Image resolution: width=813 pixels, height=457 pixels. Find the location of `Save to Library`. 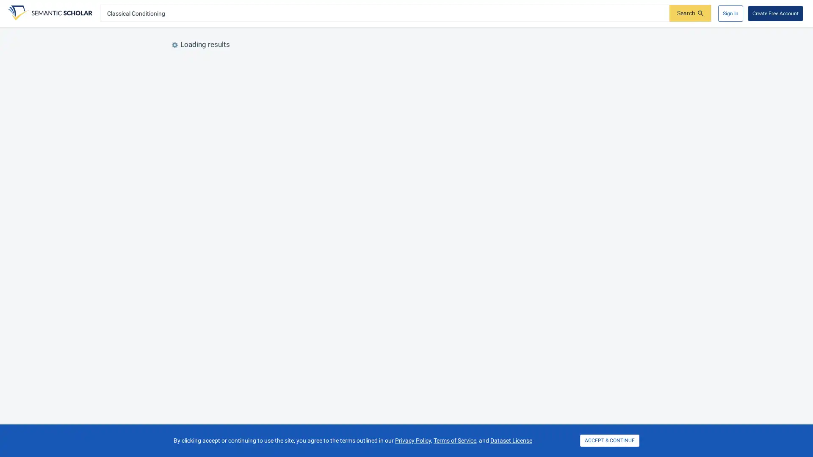

Save to Library is located at coordinates (253, 433).